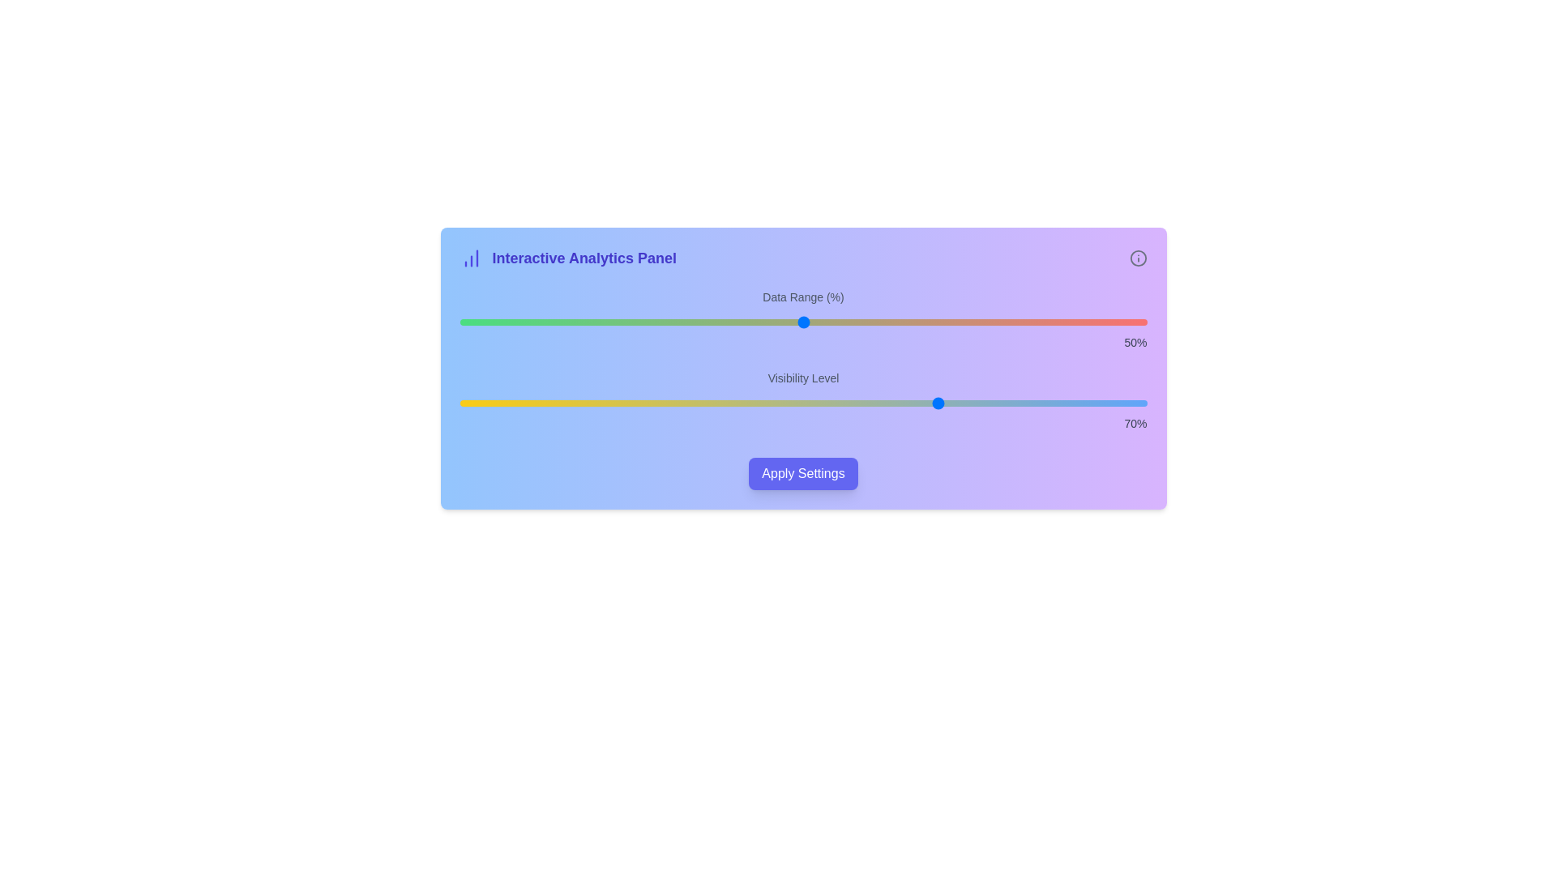 The height and width of the screenshot is (875, 1556). Describe the element at coordinates (905, 322) in the screenshot. I see `the Data Range slider to 65%` at that location.